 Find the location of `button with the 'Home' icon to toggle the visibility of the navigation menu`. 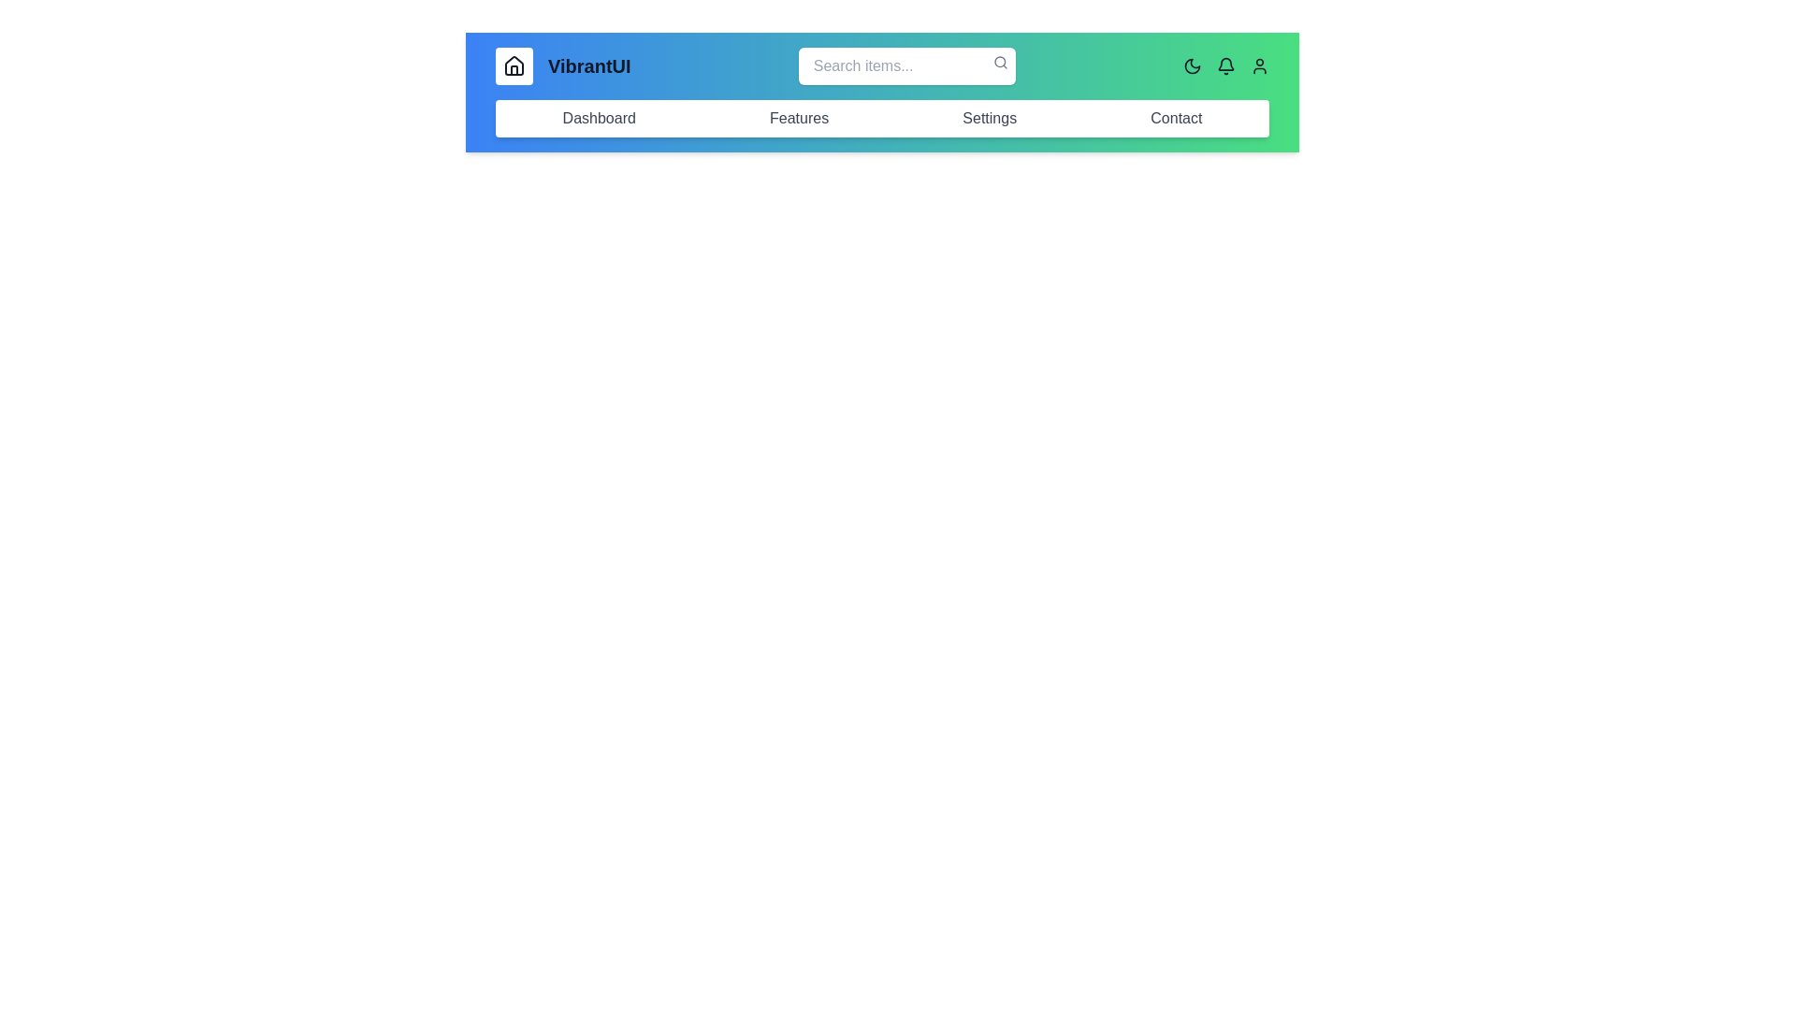

button with the 'Home' icon to toggle the visibility of the navigation menu is located at coordinates (514, 65).